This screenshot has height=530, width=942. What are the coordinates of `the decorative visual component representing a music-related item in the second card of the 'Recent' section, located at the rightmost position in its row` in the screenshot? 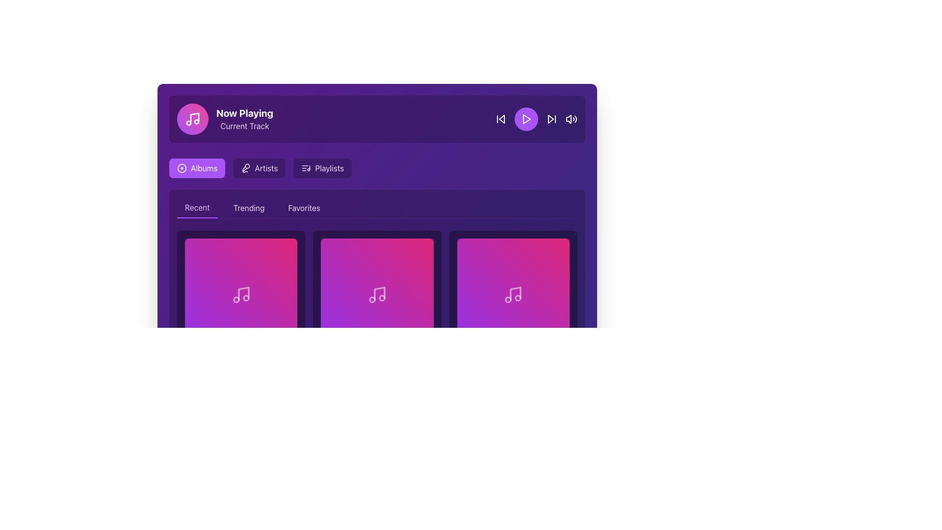 It's located at (513, 294).